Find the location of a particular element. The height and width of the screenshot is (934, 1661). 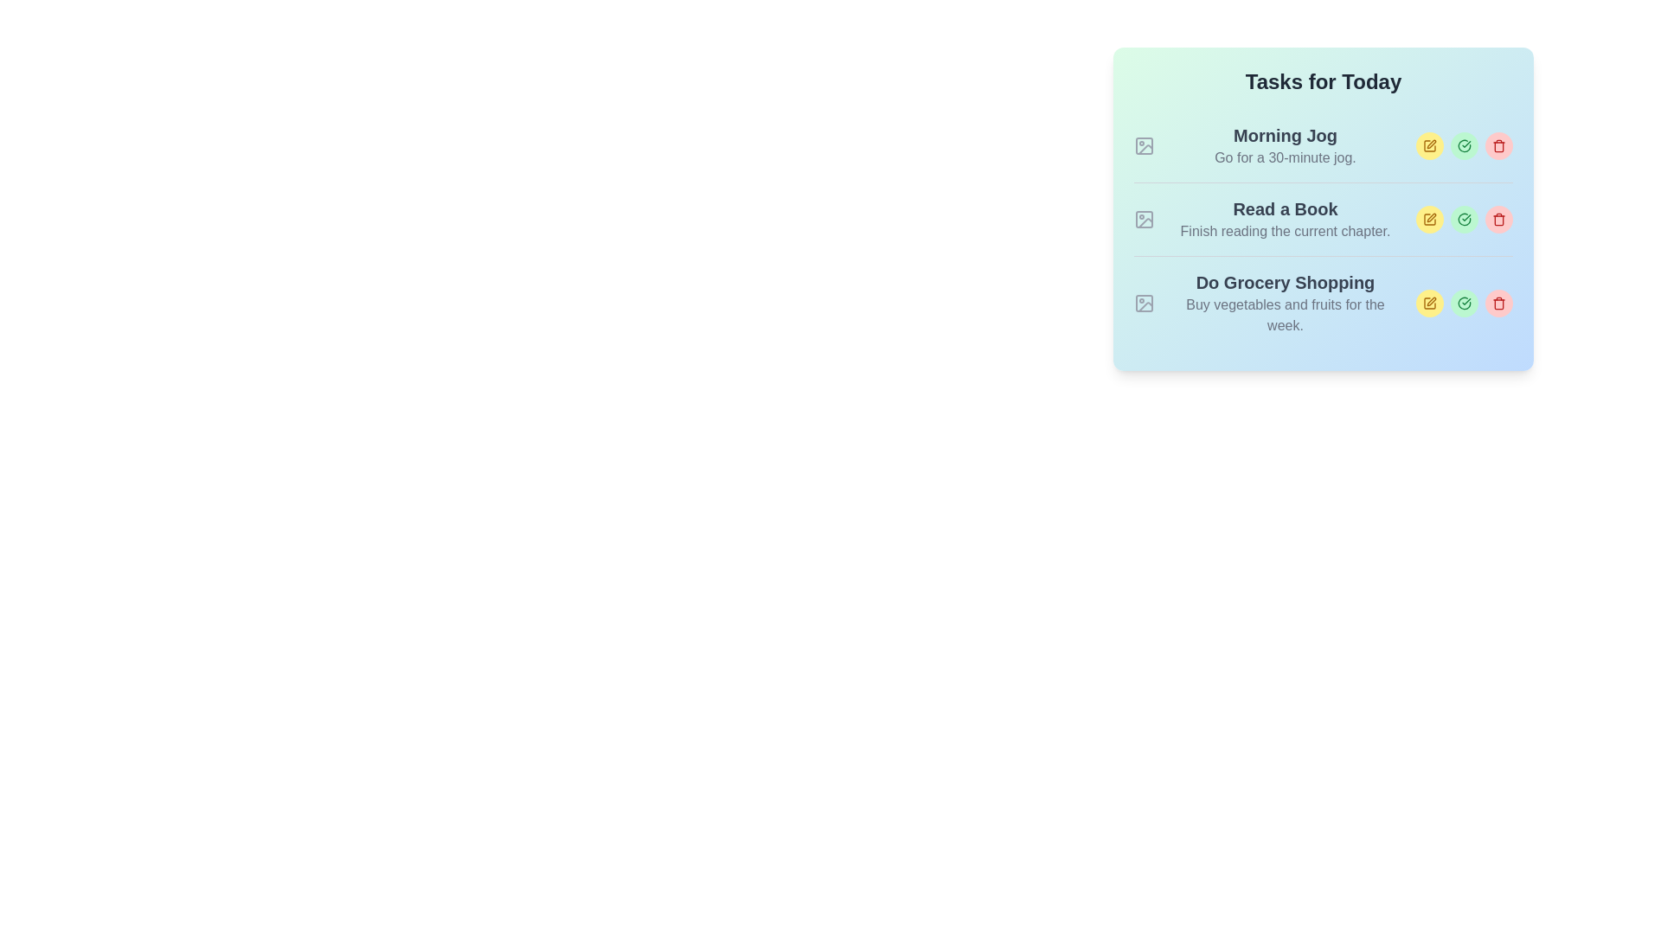

the green circular checkmark icon in the second row of the tasks list, which indicates completion for the 'Read a Book' task is located at coordinates (1464, 145).